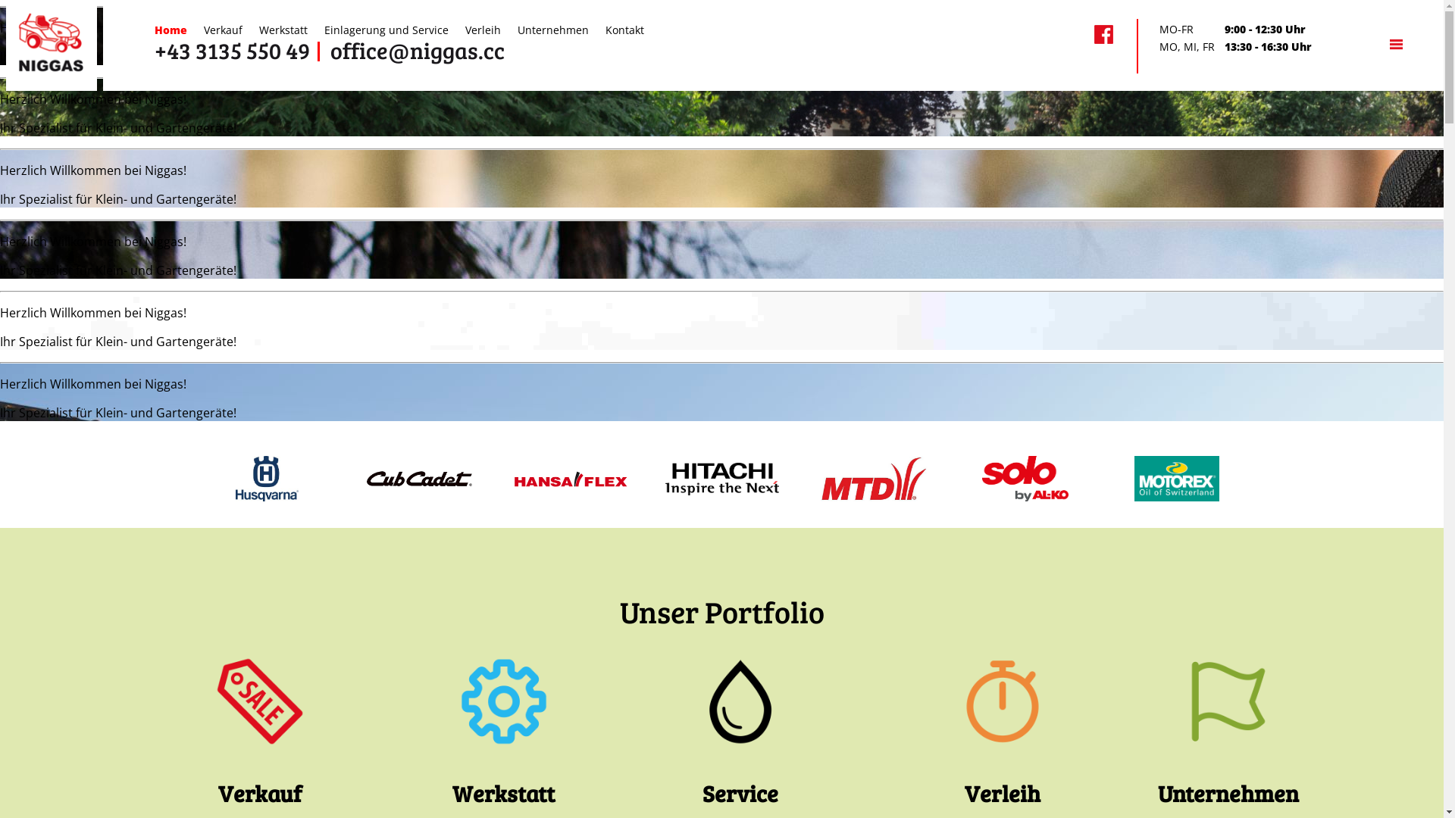  Describe the element at coordinates (154, 30) in the screenshot. I see `'Home'` at that location.